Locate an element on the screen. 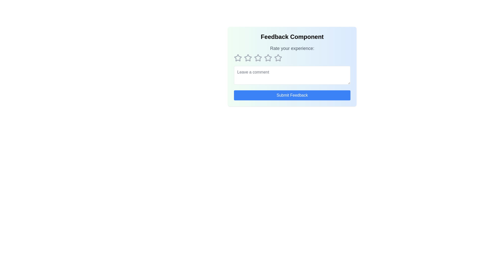 Image resolution: width=482 pixels, height=271 pixels. across the star icons in the Rating widget is located at coordinates (292, 58).